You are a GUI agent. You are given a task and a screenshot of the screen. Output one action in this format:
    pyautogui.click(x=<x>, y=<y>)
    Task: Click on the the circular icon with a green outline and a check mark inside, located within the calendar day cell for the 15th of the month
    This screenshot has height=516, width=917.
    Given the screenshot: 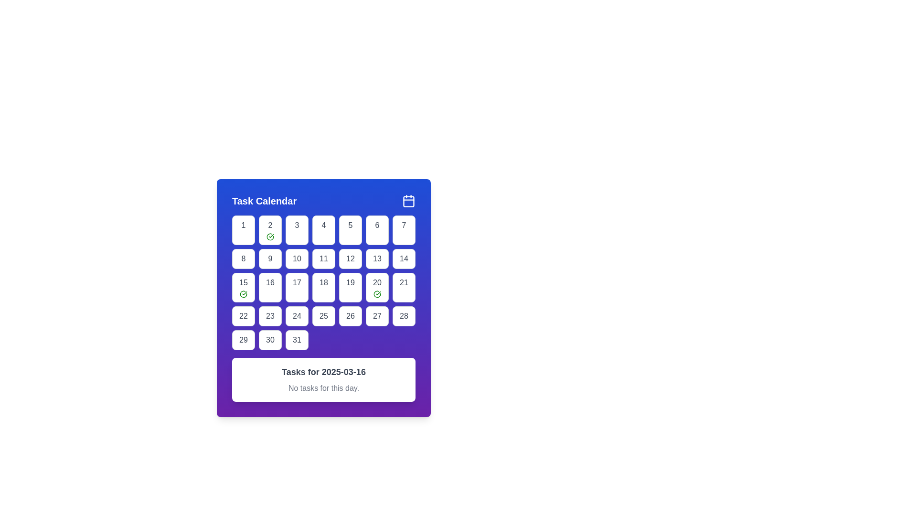 What is the action you would take?
    pyautogui.click(x=243, y=294)
    